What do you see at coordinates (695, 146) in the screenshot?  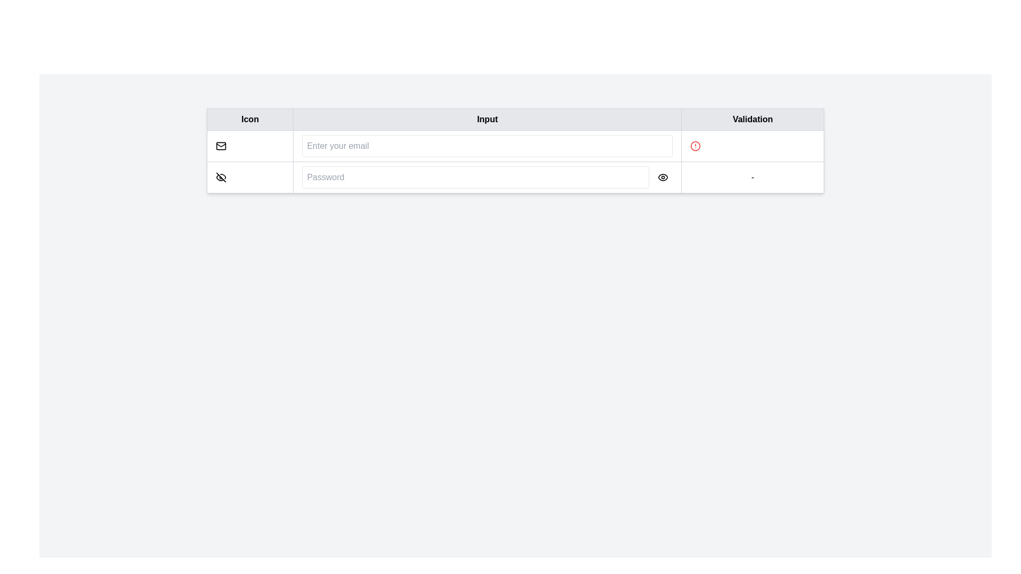 I see `the central circular SVG element with a thin red border that is part of the validation icon in the 'Validation' column next to the 'Enter your email' input field` at bounding box center [695, 146].